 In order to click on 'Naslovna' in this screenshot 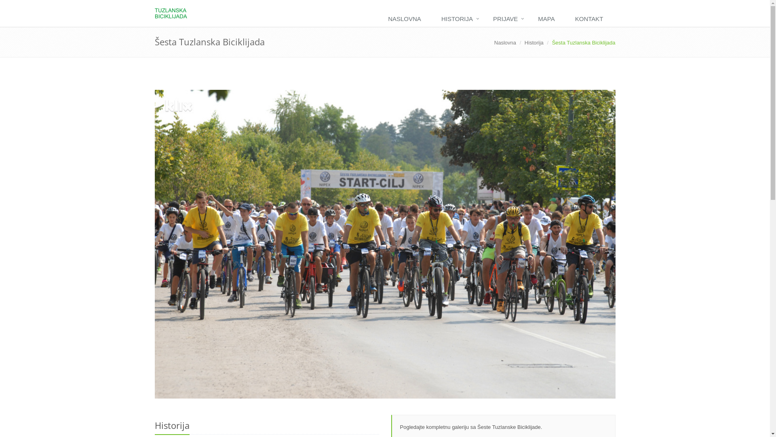, I will do `click(504, 42)`.